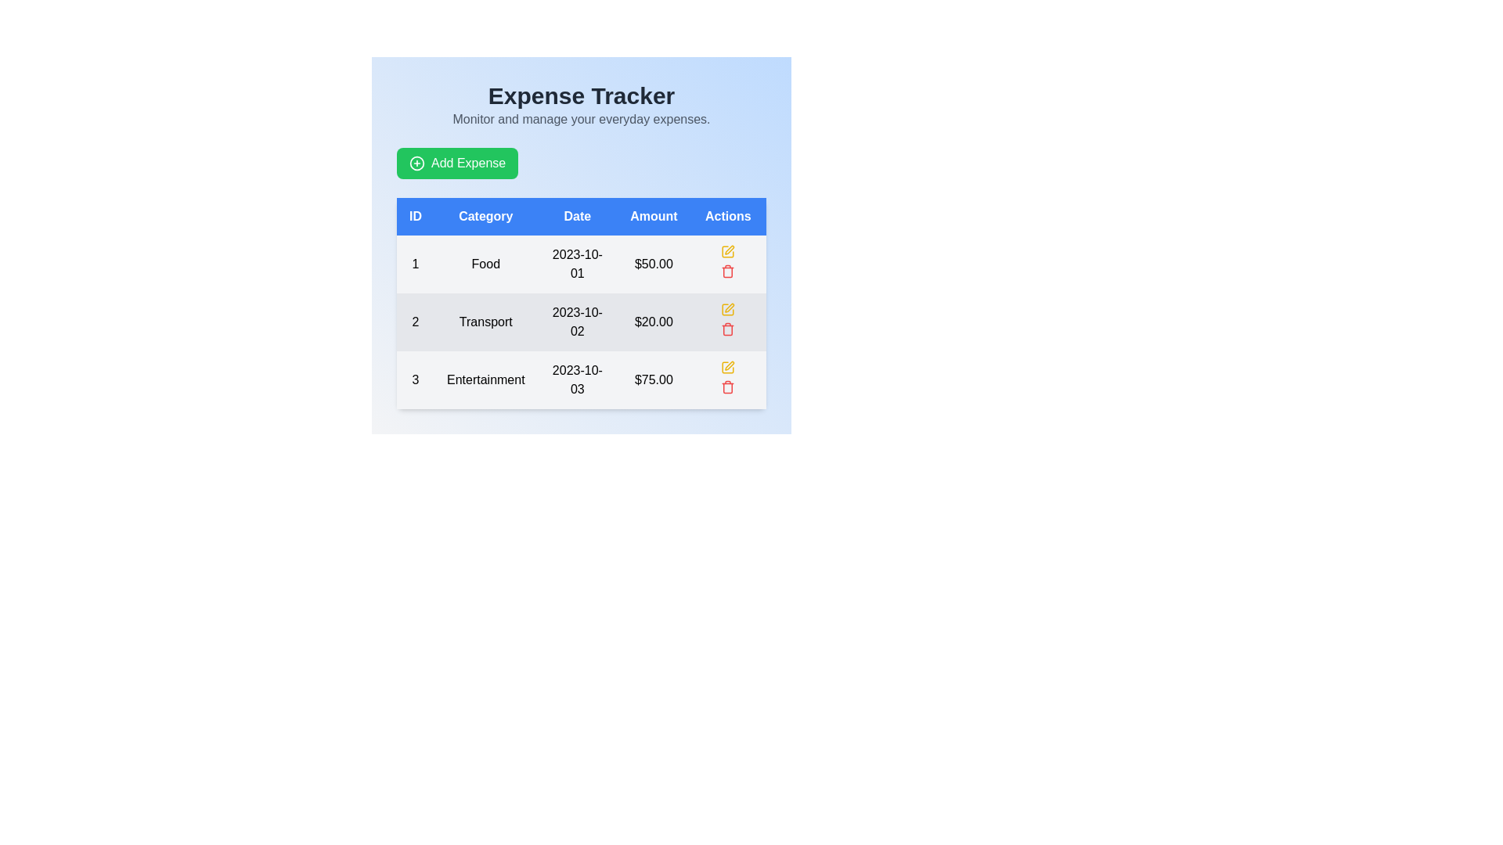 The image size is (1503, 845). What do you see at coordinates (576, 380) in the screenshot?
I see `the Text label displaying the date '2023-10-03' in the third row of the table under the 'Date' column` at bounding box center [576, 380].